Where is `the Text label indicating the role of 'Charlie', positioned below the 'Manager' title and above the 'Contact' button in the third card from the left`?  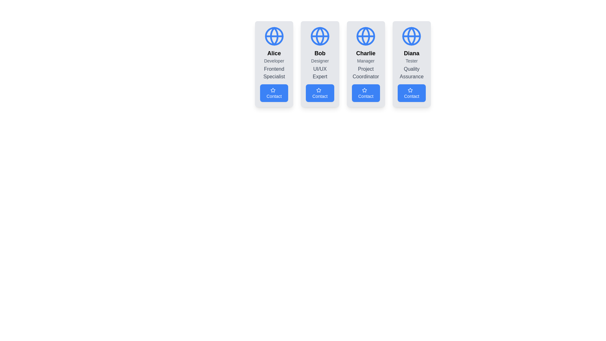 the Text label indicating the role of 'Charlie', positioned below the 'Manager' title and above the 'Contact' button in the third card from the left is located at coordinates (366, 73).